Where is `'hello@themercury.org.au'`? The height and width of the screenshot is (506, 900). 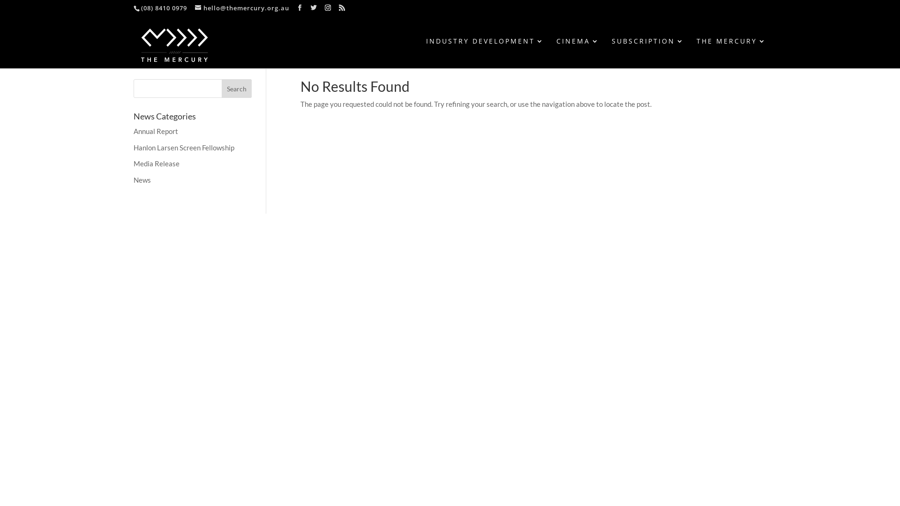 'hello@themercury.org.au' is located at coordinates (242, 7).